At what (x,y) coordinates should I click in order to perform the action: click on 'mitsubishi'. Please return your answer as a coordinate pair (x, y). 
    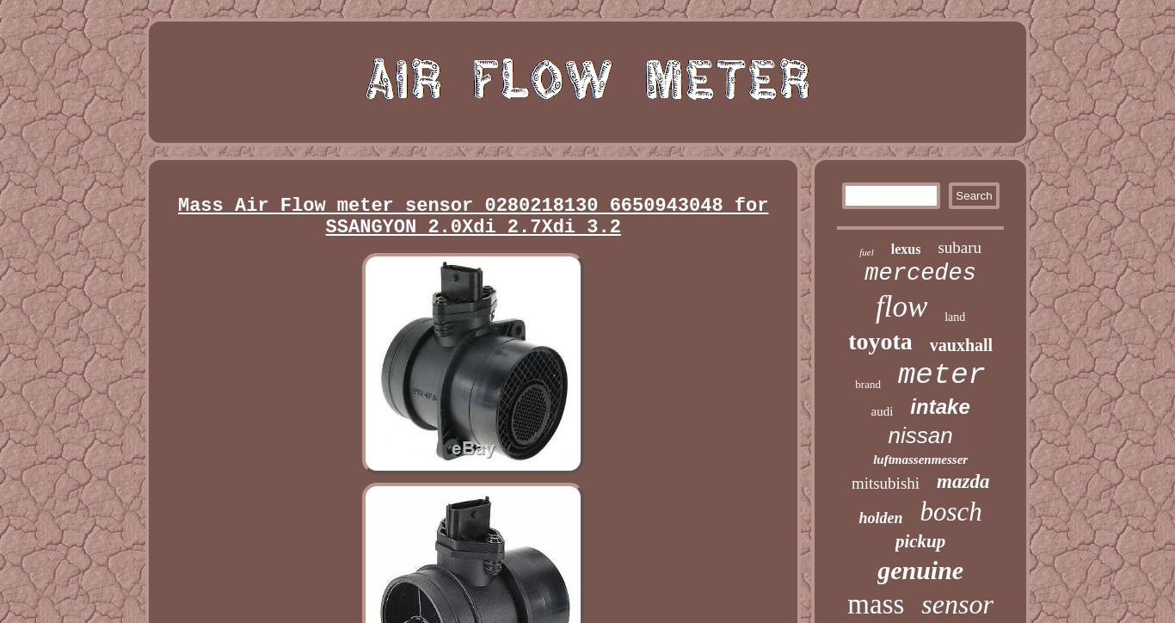
    Looking at the image, I should click on (884, 483).